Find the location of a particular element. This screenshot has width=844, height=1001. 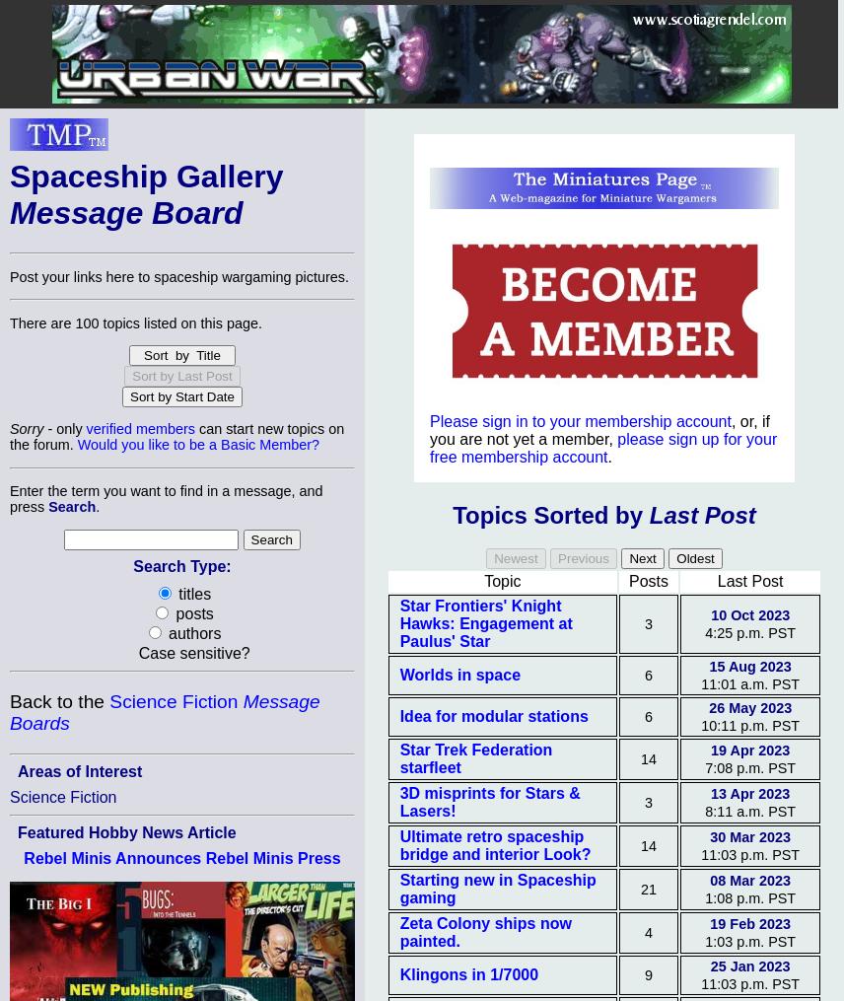

'19 Feb 2023' is located at coordinates (748, 923).